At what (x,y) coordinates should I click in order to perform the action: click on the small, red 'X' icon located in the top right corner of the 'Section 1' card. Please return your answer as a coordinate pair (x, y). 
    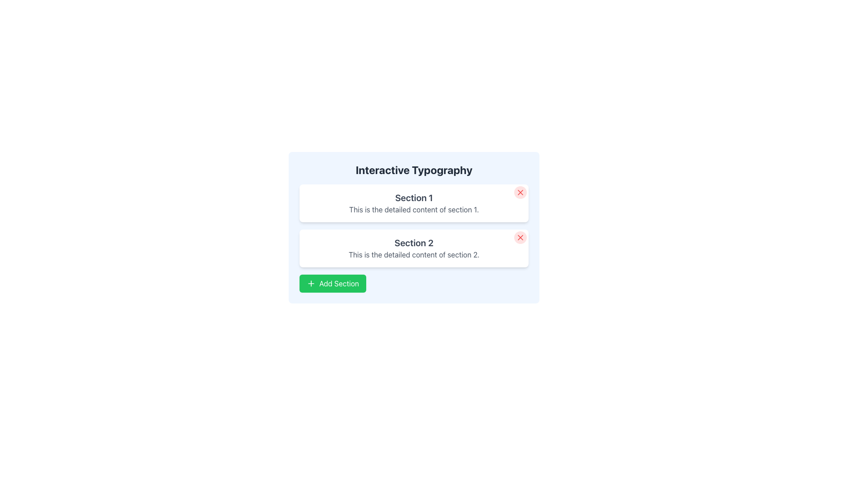
    Looking at the image, I should click on (520, 192).